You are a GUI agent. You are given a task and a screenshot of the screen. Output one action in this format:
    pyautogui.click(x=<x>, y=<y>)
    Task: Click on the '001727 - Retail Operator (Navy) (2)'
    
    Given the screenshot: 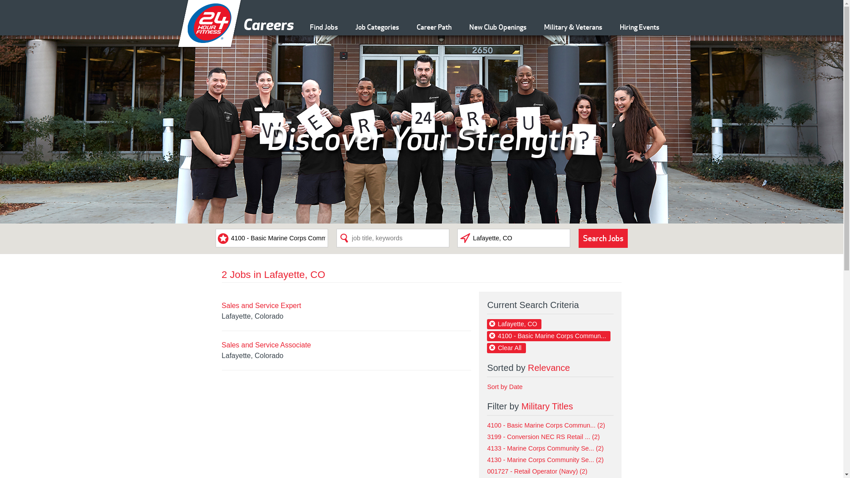 What is the action you would take?
    pyautogui.click(x=537, y=470)
    